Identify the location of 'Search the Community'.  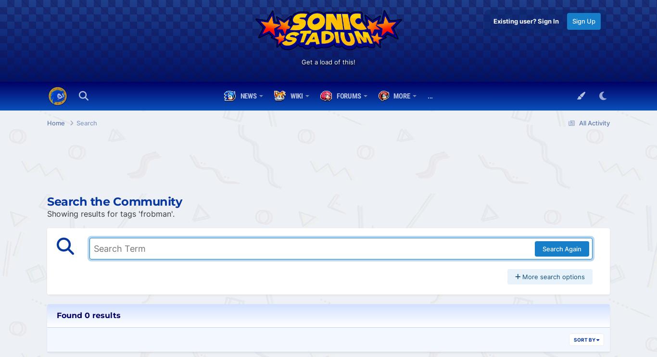
(114, 201).